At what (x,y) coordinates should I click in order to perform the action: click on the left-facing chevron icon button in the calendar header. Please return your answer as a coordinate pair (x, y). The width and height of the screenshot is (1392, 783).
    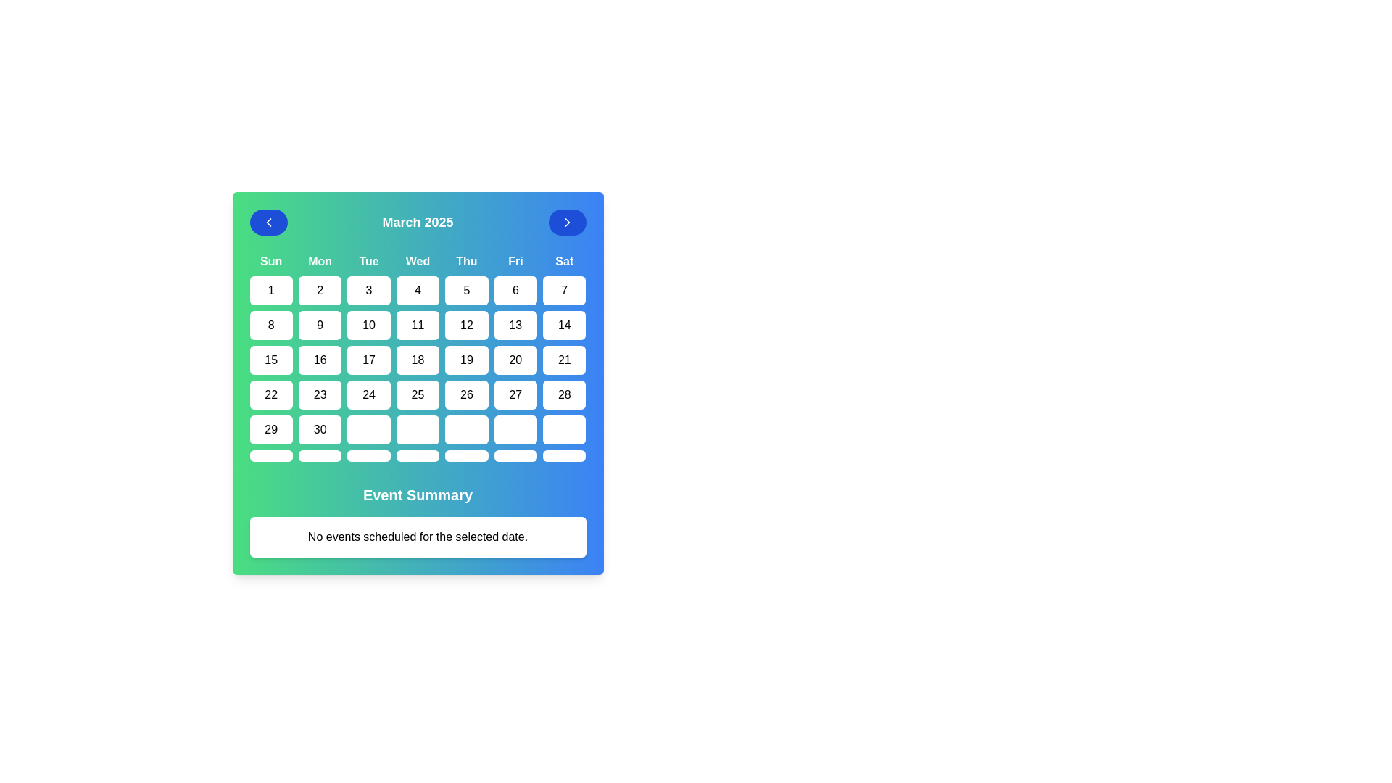
    Looking at the image, I should click on (268, 223).